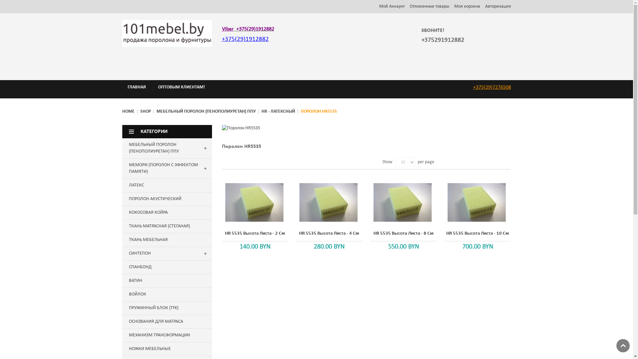 This screenshot has width=638, height=359. Describe the element at coordinates (484, 87) in the screenshot. I see `'+375(29)7'` at that location.